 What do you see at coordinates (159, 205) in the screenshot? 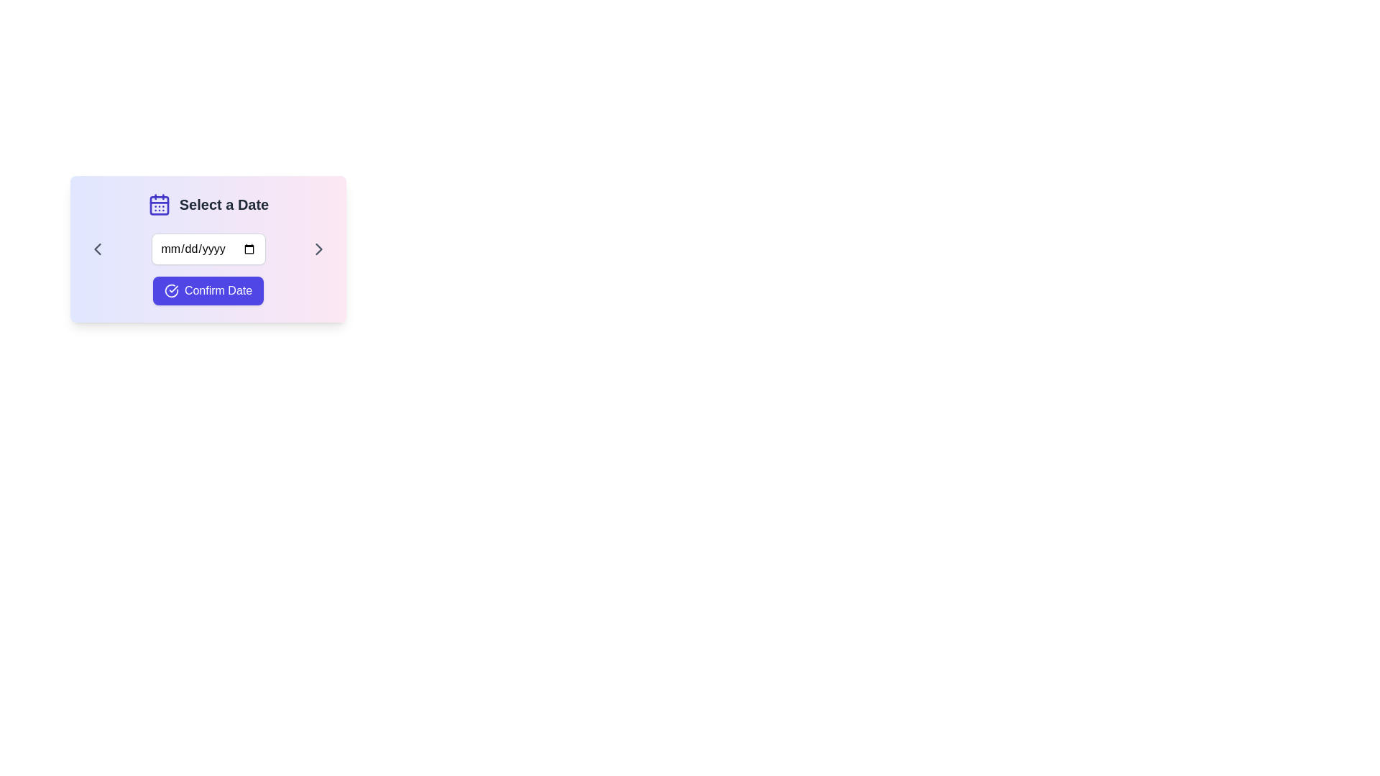
I see `the blue calendar icon located in the 'Select a Date' section, which is positioned in the top-left corner preceding the title text` at bounding box center [159, 205].